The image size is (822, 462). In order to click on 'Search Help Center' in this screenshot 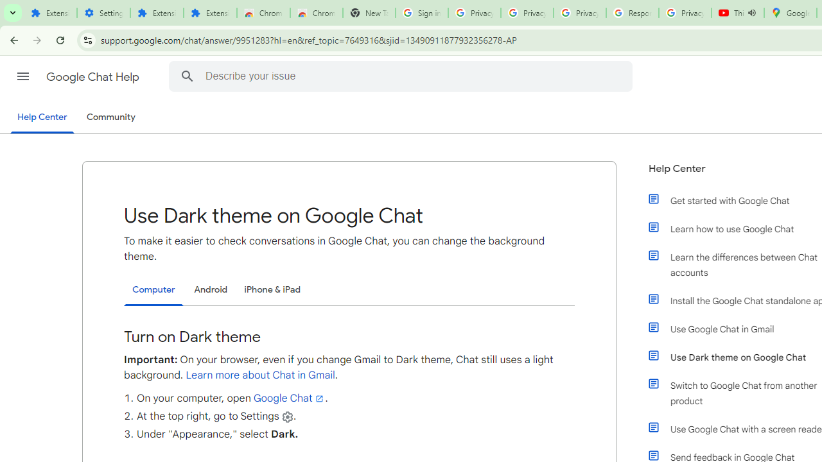, I will do `click(186, 76)`.